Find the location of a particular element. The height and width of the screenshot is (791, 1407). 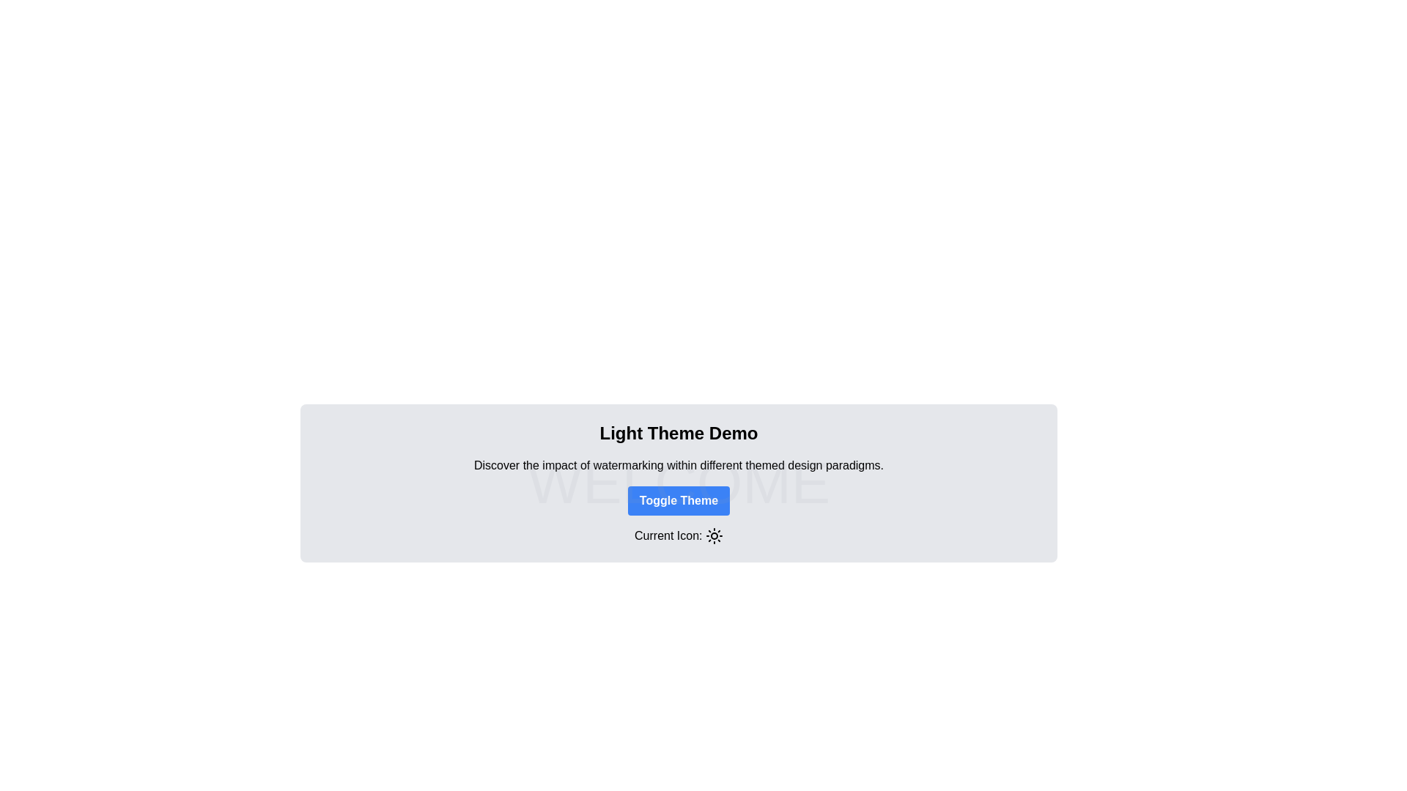

the sun icon representing brightness or light mode located under the labeled text 'Current Icon:' in the bottom section of the central panel is located at coordinates (714, 536).